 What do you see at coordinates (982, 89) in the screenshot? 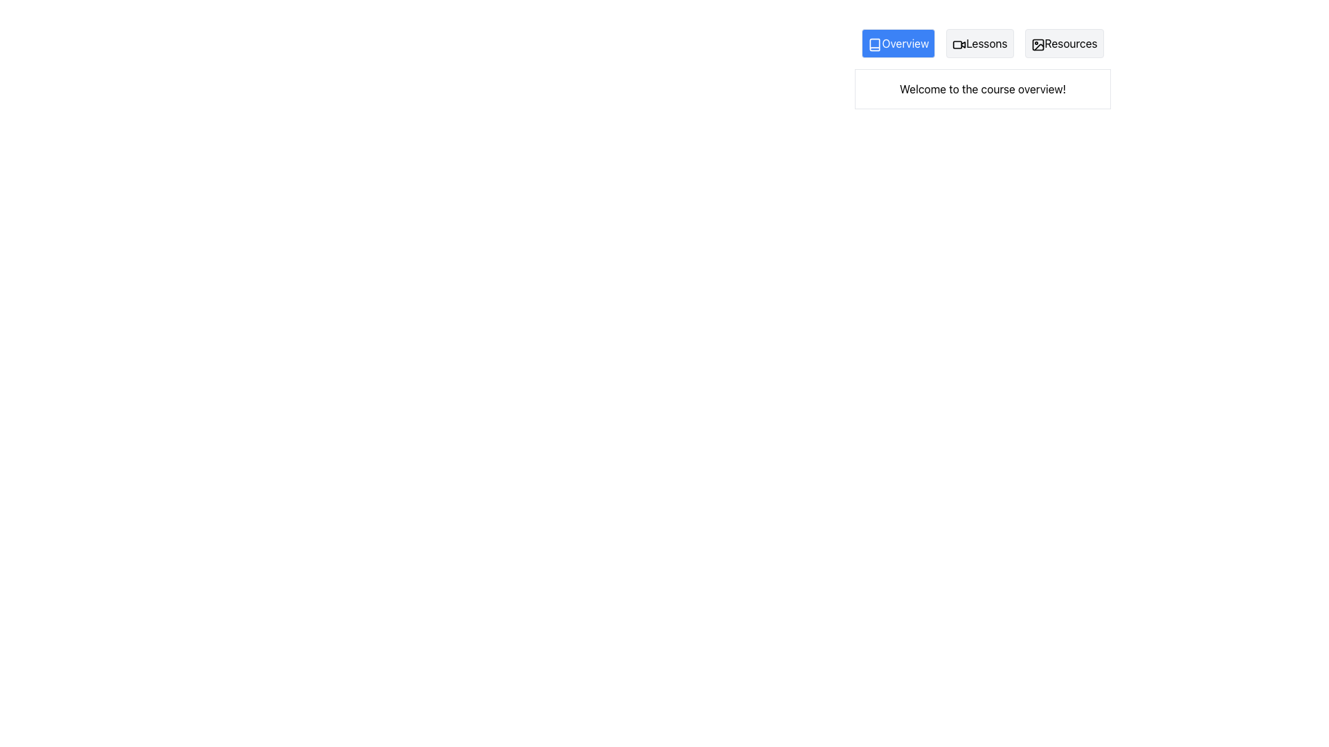
I see `the non-interactive Text Label that greets users and provides context for the current section, located below the buttons 'Overview', 'Lessons', and 'Resources'` at bounding box center [982, 89].